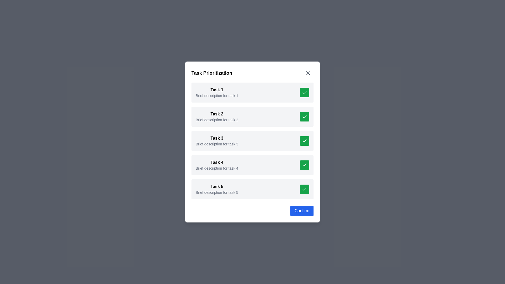 Image resolution: width=505 pixels, height=284 pixels. I want to click on the Text Display element which contains the bold text 'Task 2' and the smaller description 'Brief description for task 2', so click(217, 116).